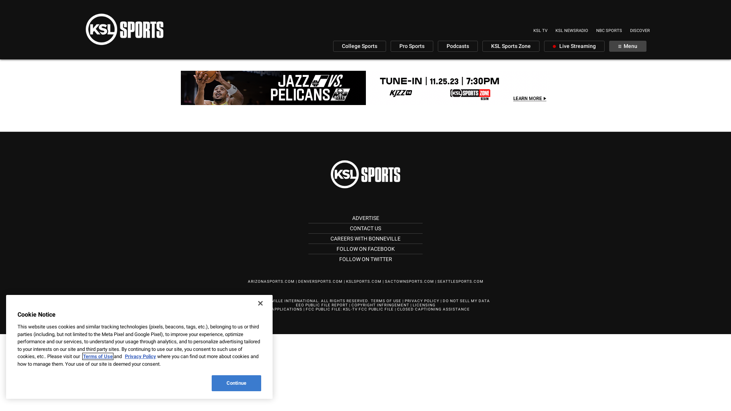  What do you see at coordinates (368, 309) in the screenshot?
I see `'KSL-TV FCC PUBLIC FILE'` at bounding box center [368, 309].